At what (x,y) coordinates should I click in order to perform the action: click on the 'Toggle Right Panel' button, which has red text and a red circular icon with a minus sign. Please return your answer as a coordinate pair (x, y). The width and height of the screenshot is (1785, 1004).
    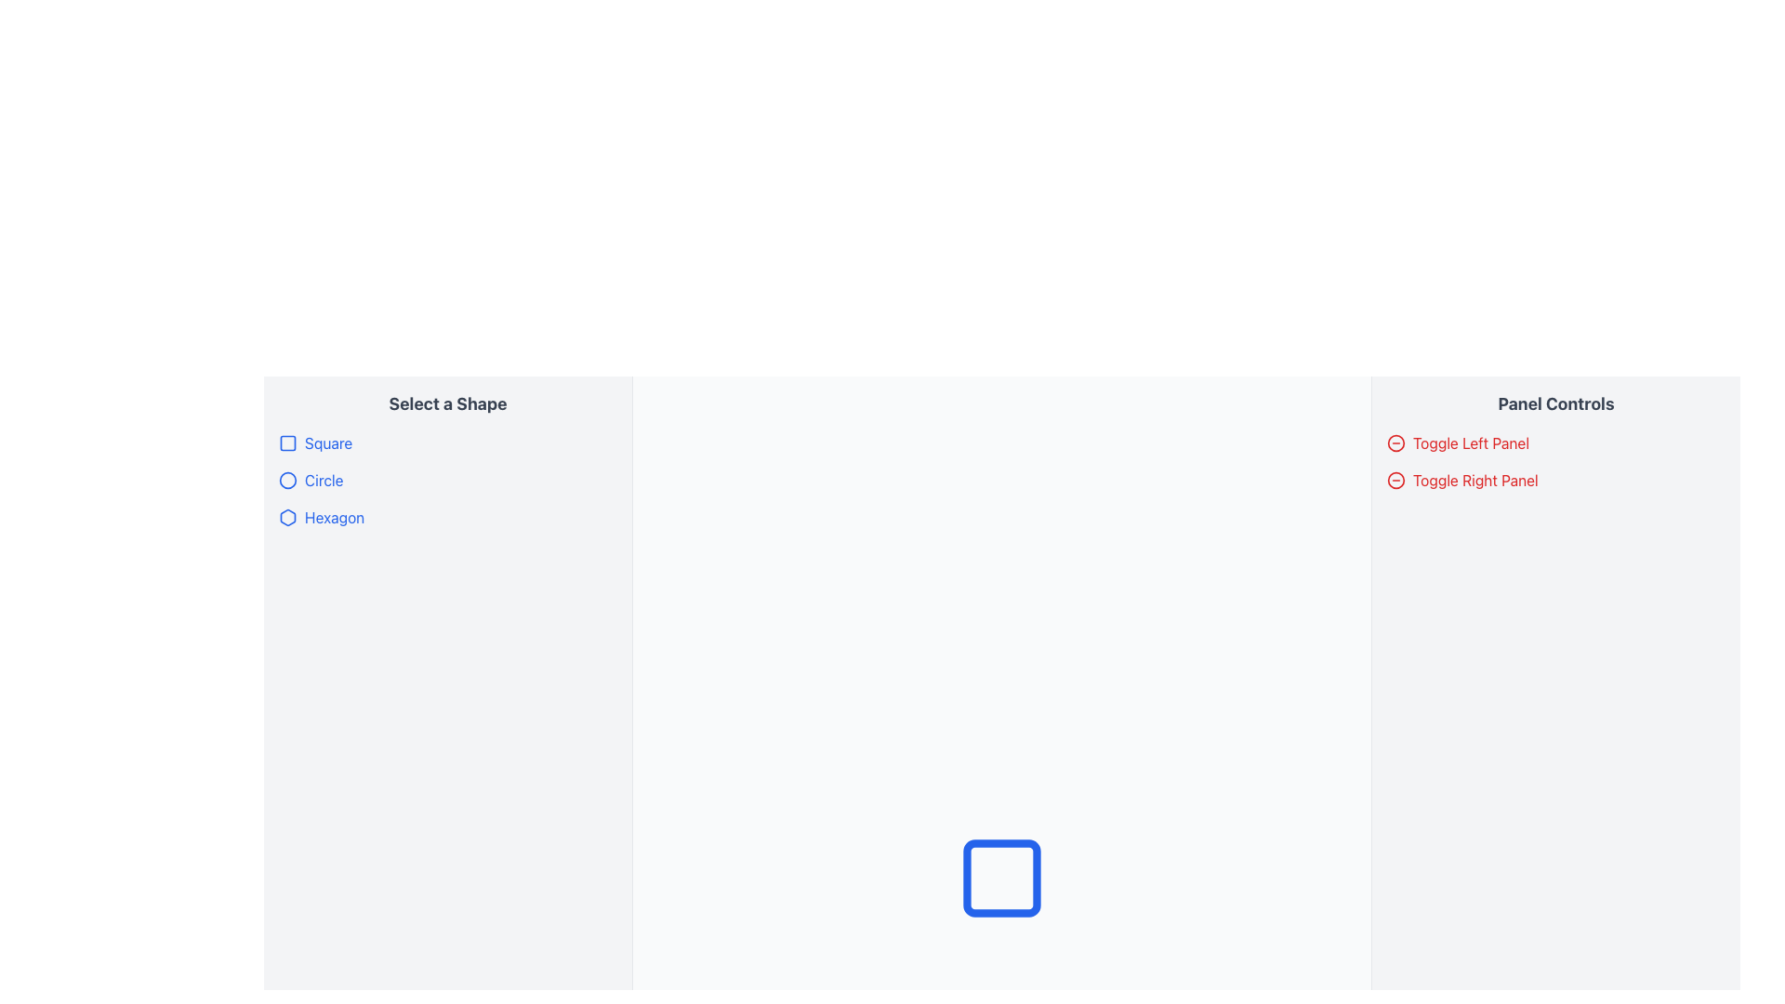
    Looking at the image, I should click on (1461, 479).